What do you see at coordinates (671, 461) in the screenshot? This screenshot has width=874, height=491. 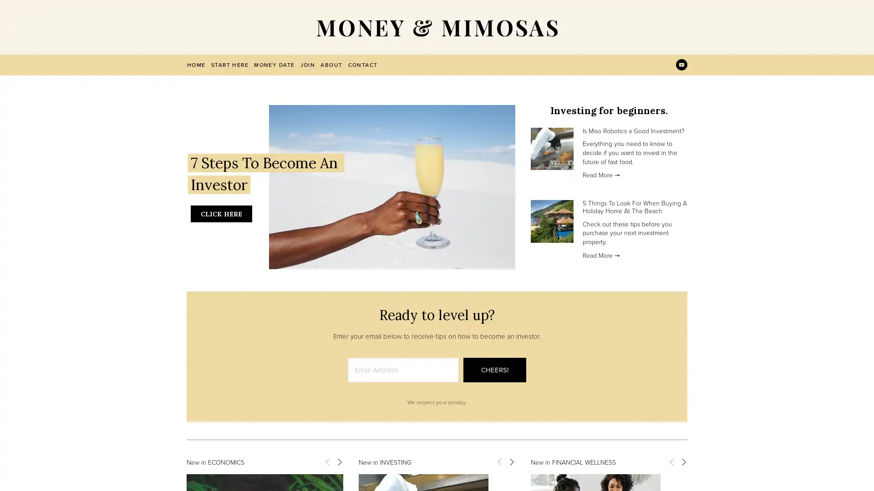 I see `Previous` at bounding box center [671, 461].